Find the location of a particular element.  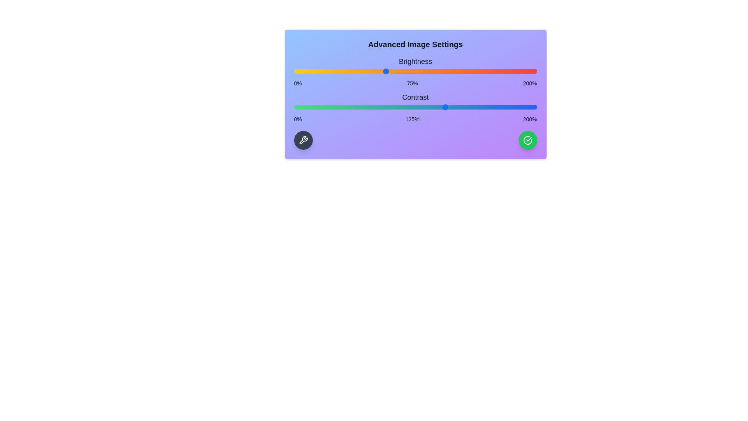

the brightness slider to 66% is located at coordinates (374, 71).